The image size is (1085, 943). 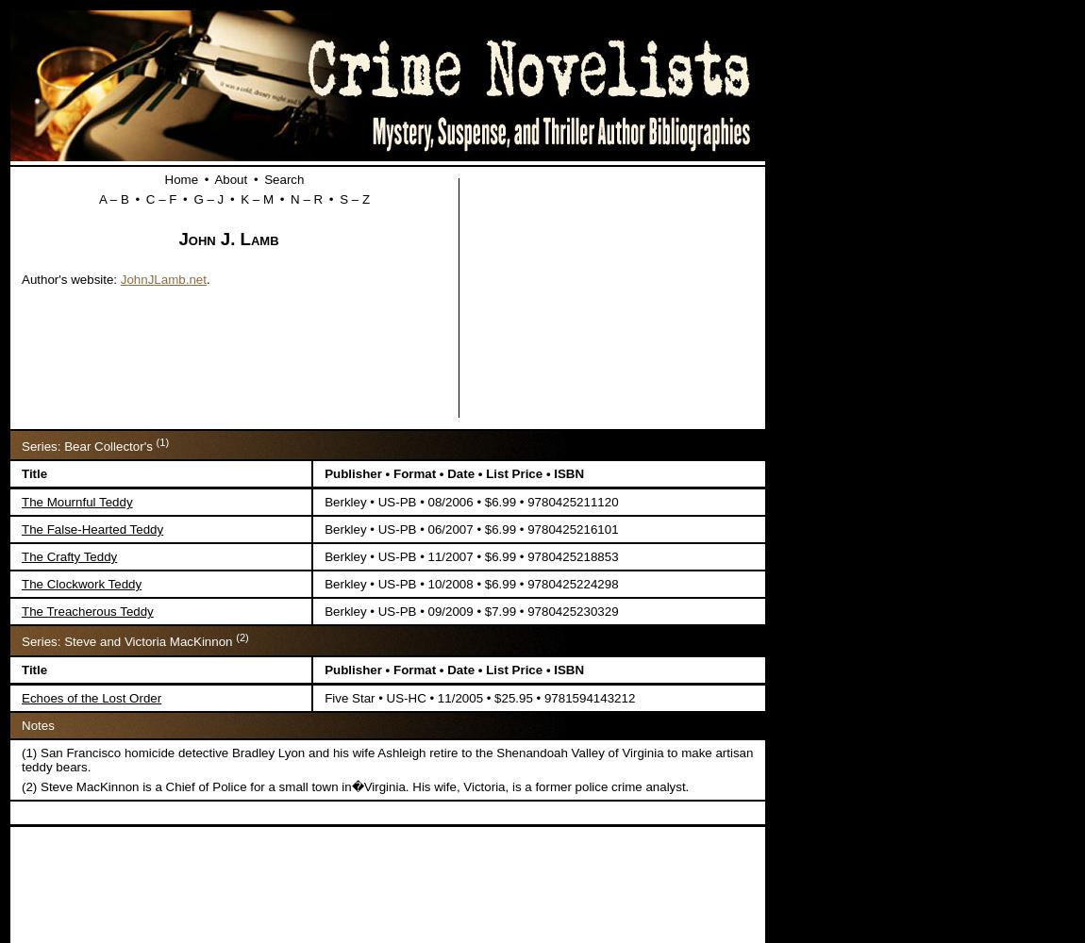 What do you see at coordinates (229, 178) in the screenshot?
I see `'About'` at bounding box center [229, 178].